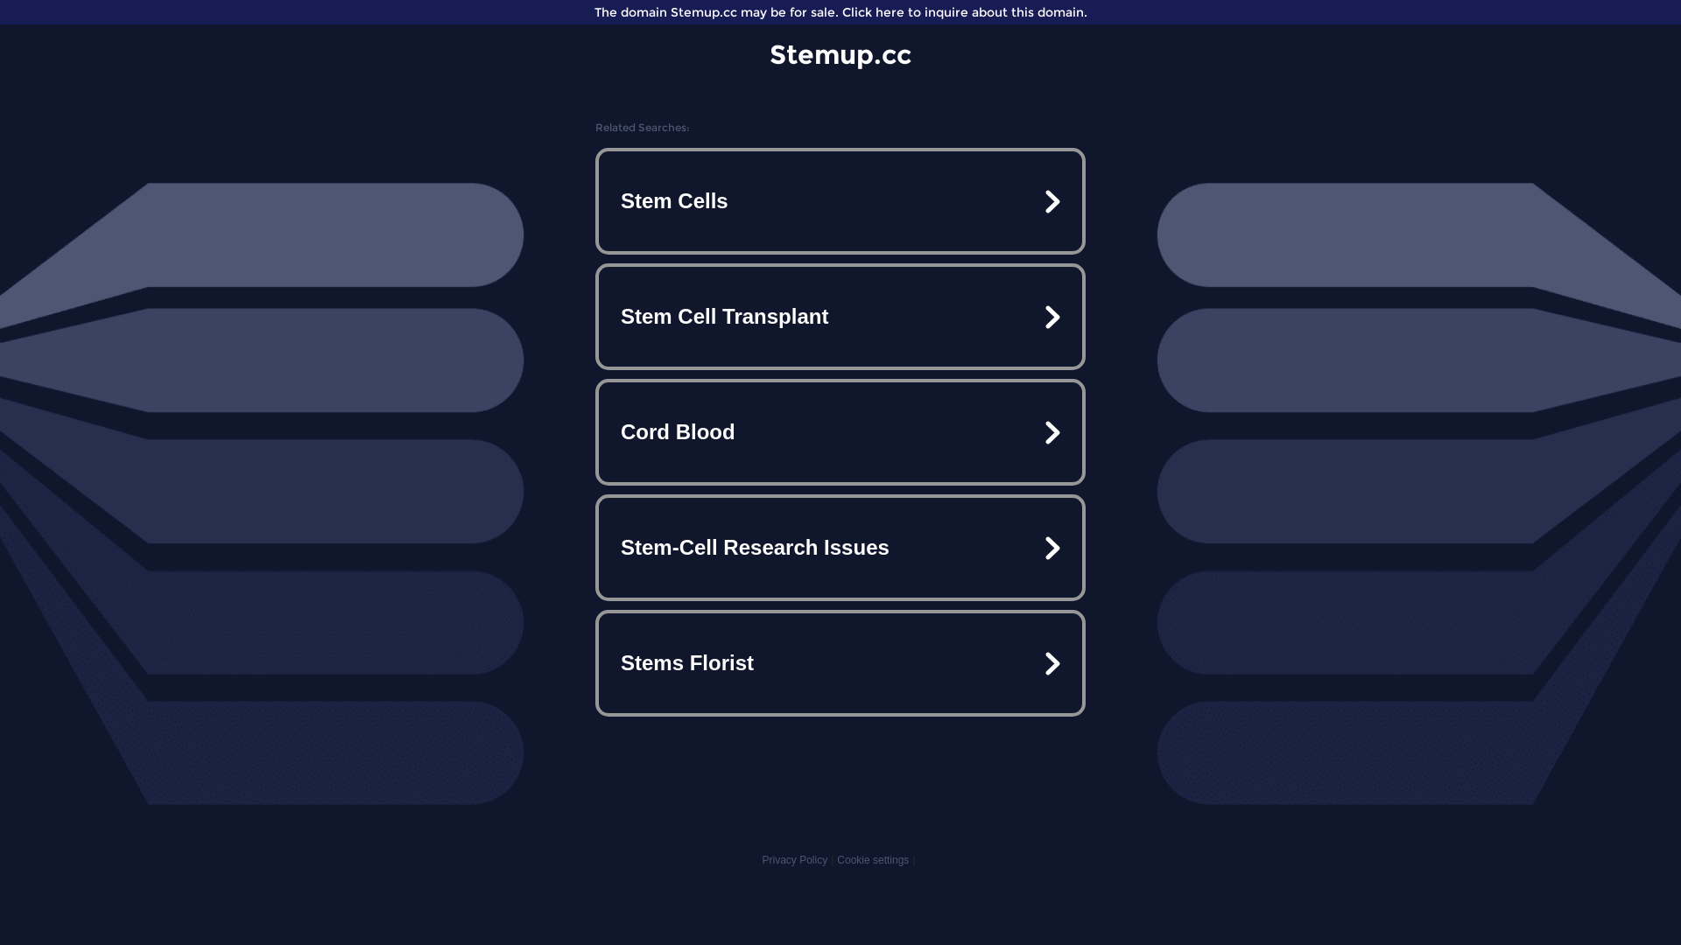 The width and height of the screenshot is (1681, 945). I want to click on 'Cord Blood', so click(840, 431).